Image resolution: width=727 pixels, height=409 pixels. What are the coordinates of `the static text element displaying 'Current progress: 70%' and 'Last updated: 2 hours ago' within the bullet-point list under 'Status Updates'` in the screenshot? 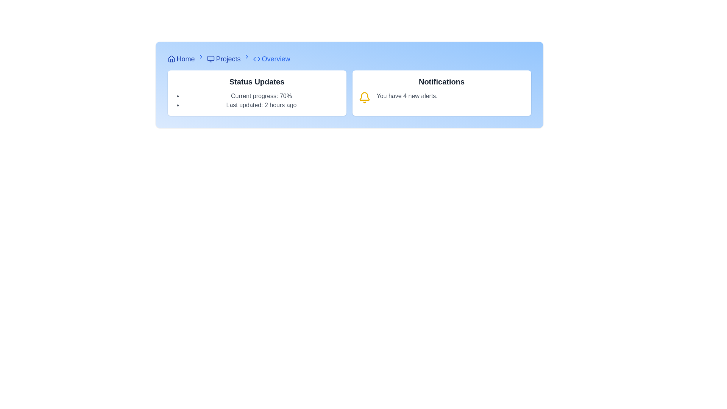 It's located at (261, 100).